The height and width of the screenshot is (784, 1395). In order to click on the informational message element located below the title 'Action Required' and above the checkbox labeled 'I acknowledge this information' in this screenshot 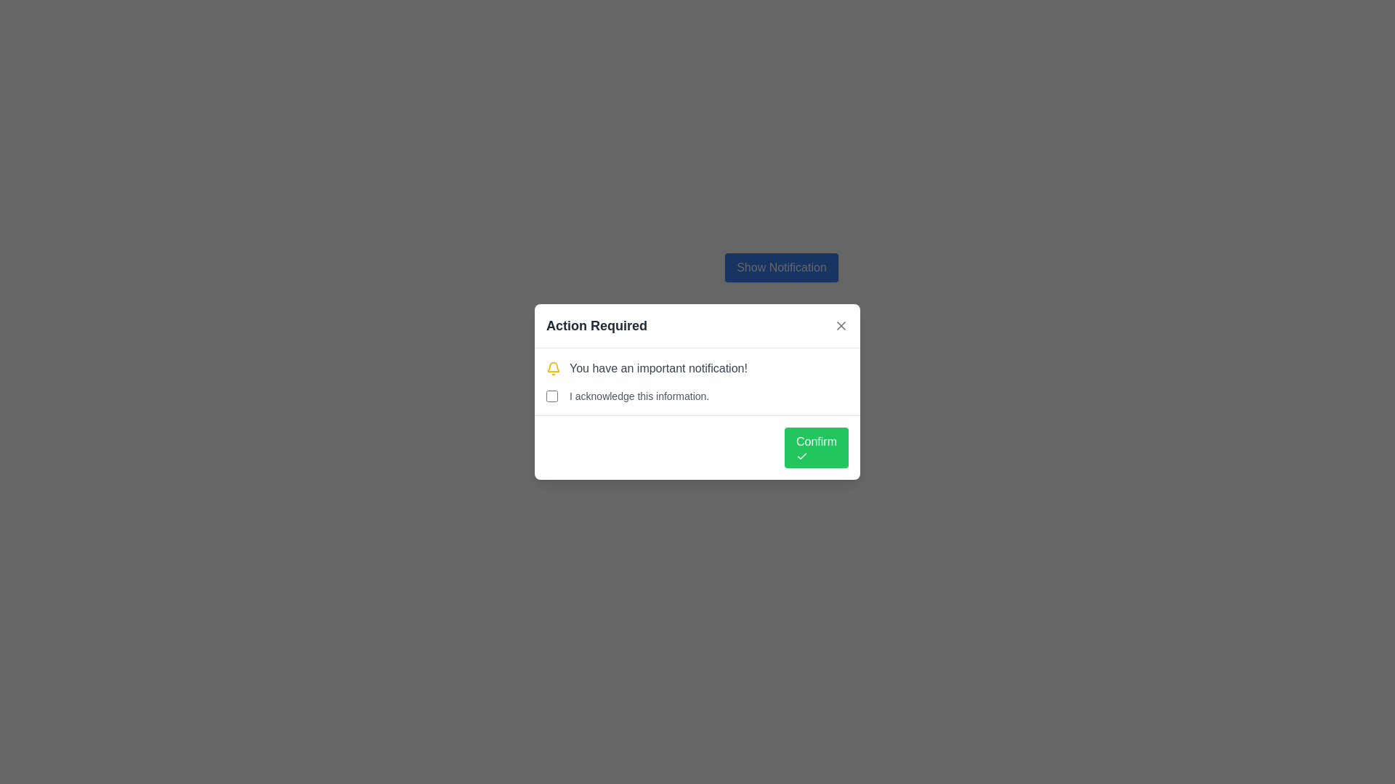, I will do `click(697, 368)`.